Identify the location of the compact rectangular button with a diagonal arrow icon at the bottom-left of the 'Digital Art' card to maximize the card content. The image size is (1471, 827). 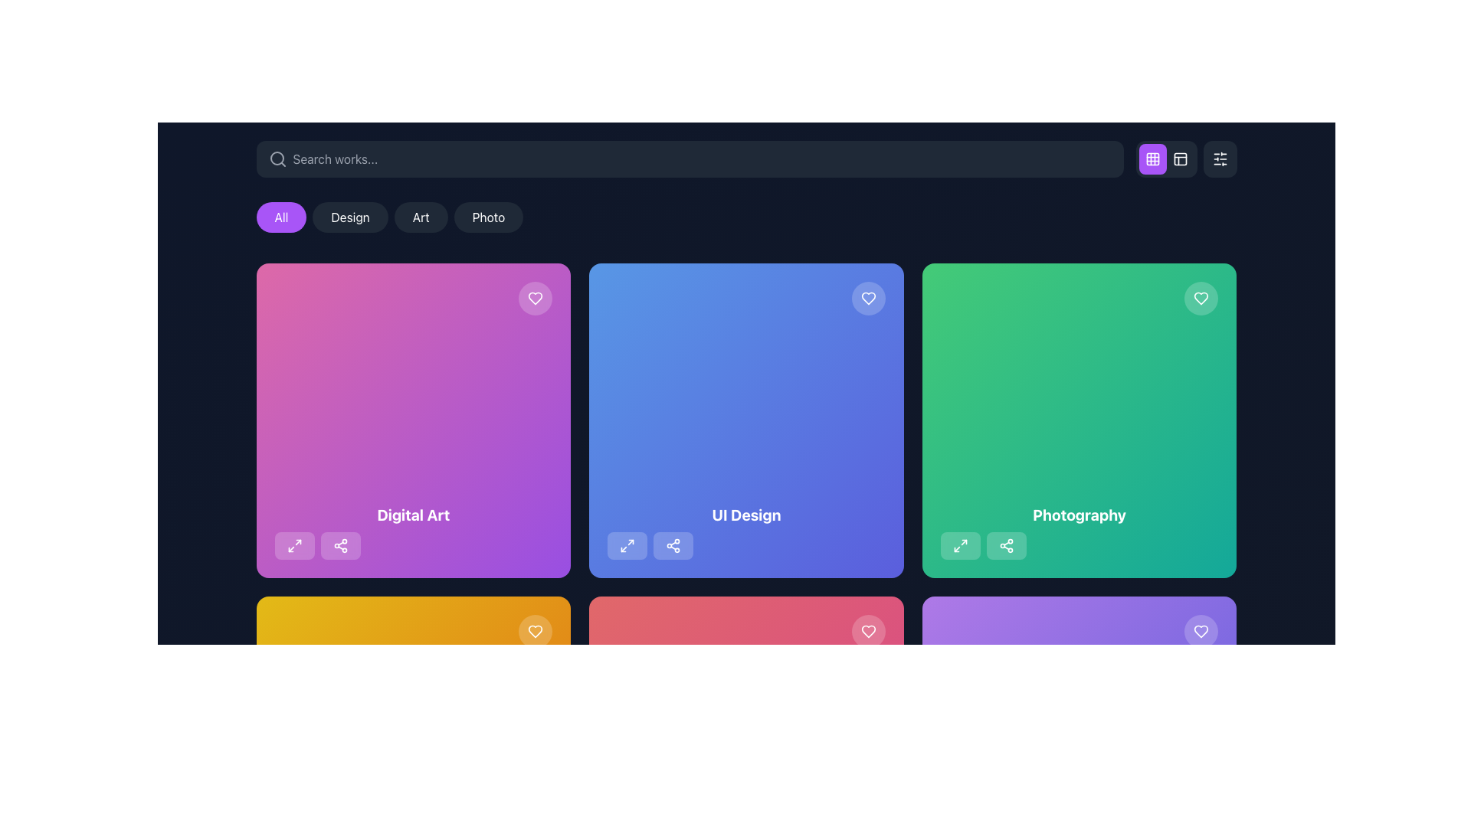
(294, 544).